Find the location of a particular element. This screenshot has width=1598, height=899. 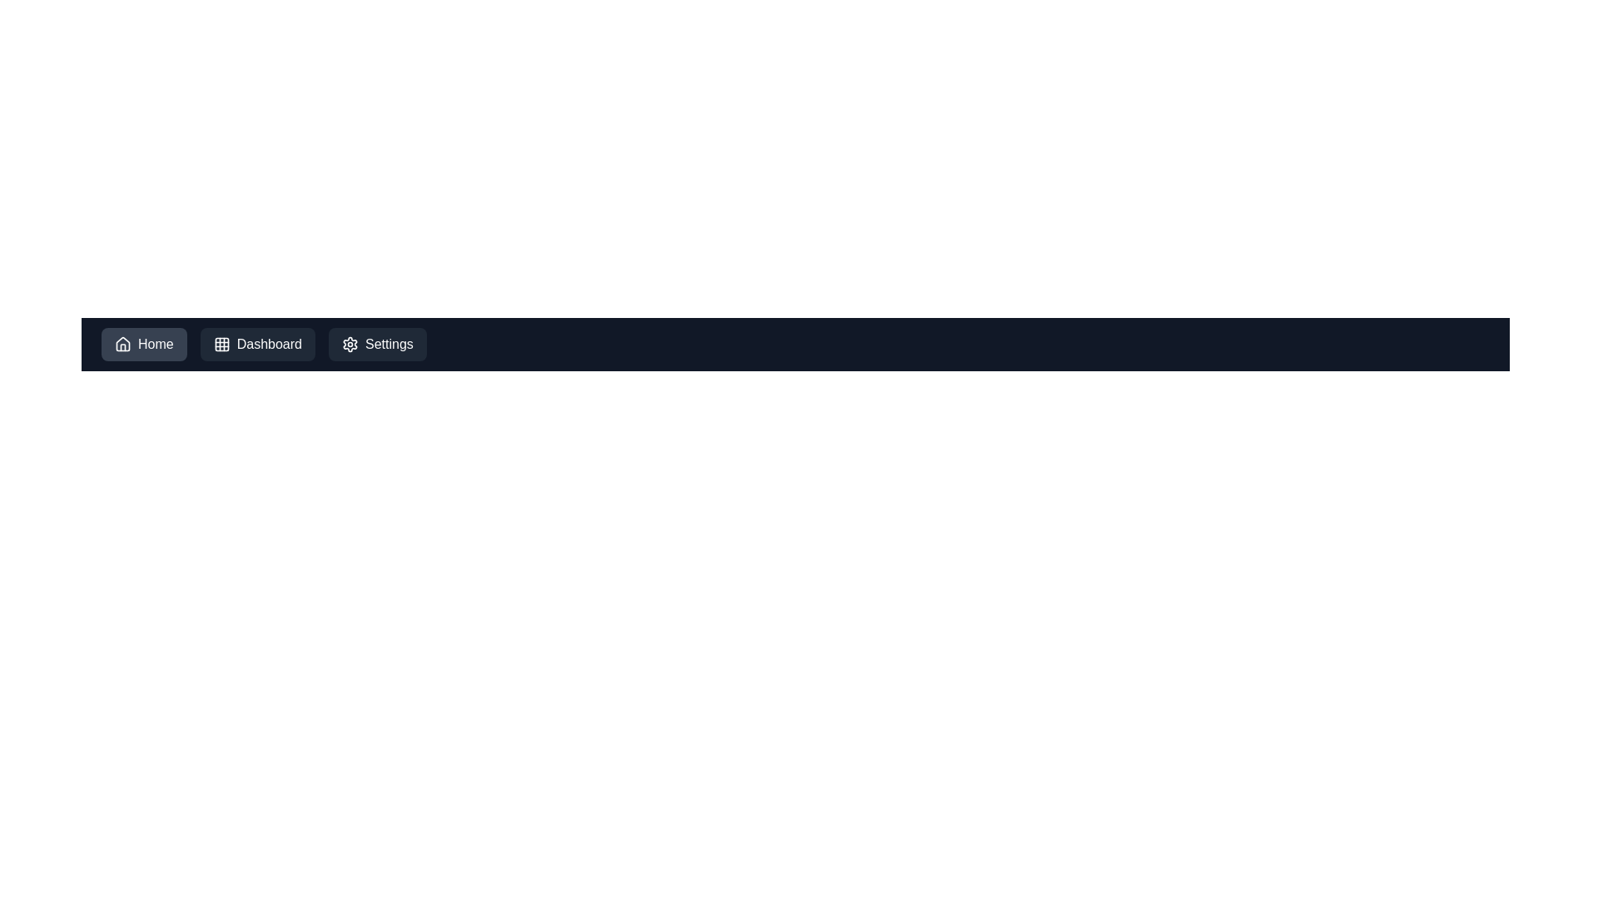

the gear-shaped icon located in the 'Settings' button on the navigation bar is located at coordinates (350, 343).